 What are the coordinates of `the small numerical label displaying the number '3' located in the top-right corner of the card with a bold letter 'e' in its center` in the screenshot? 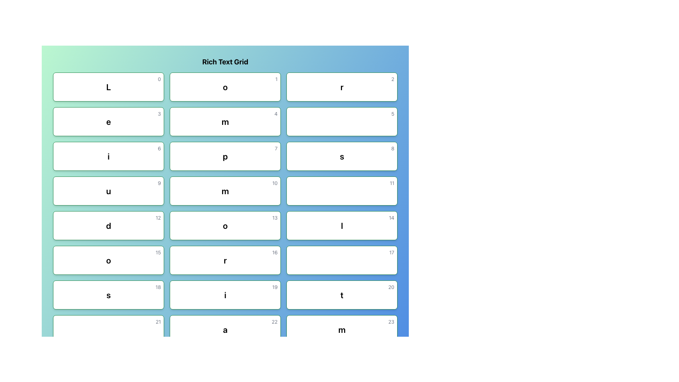 It's located at (159, 113).